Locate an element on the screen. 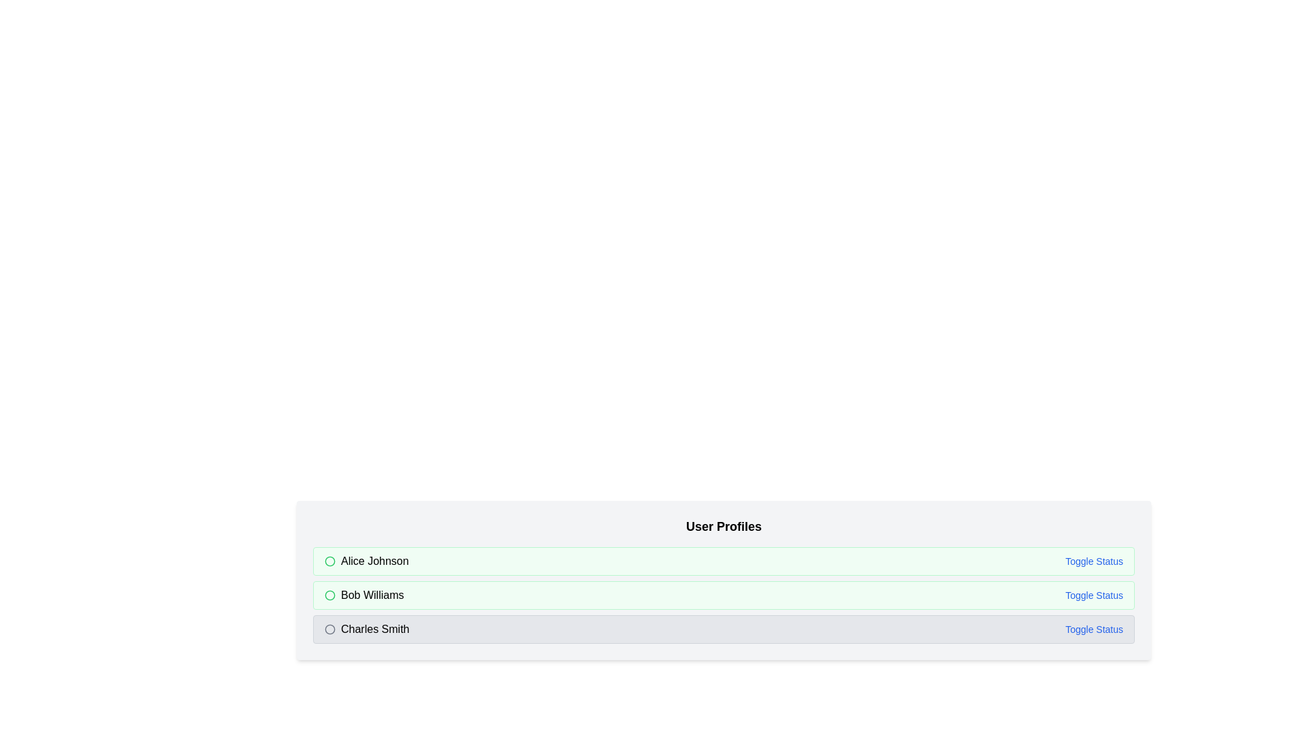 Image resolution: width=1307 pixels, height=735 pixels. the 'Toggle Status' text link located at the right side of the 'Charles Smith' profile row is located at coordinates (1094, 630).